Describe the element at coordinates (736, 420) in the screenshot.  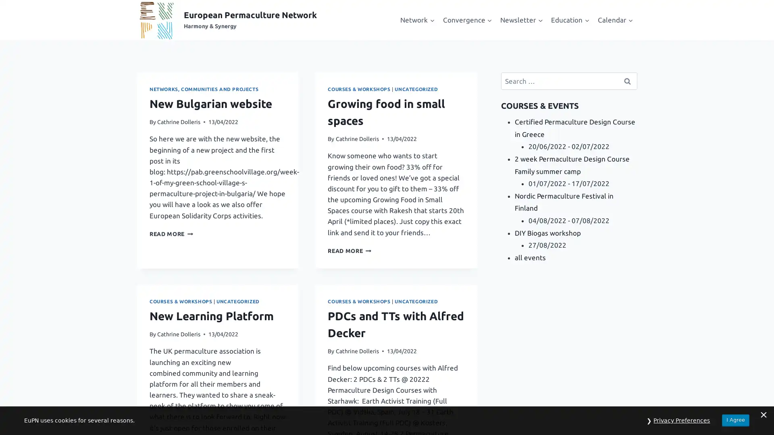
I see `I Agree` at that location.